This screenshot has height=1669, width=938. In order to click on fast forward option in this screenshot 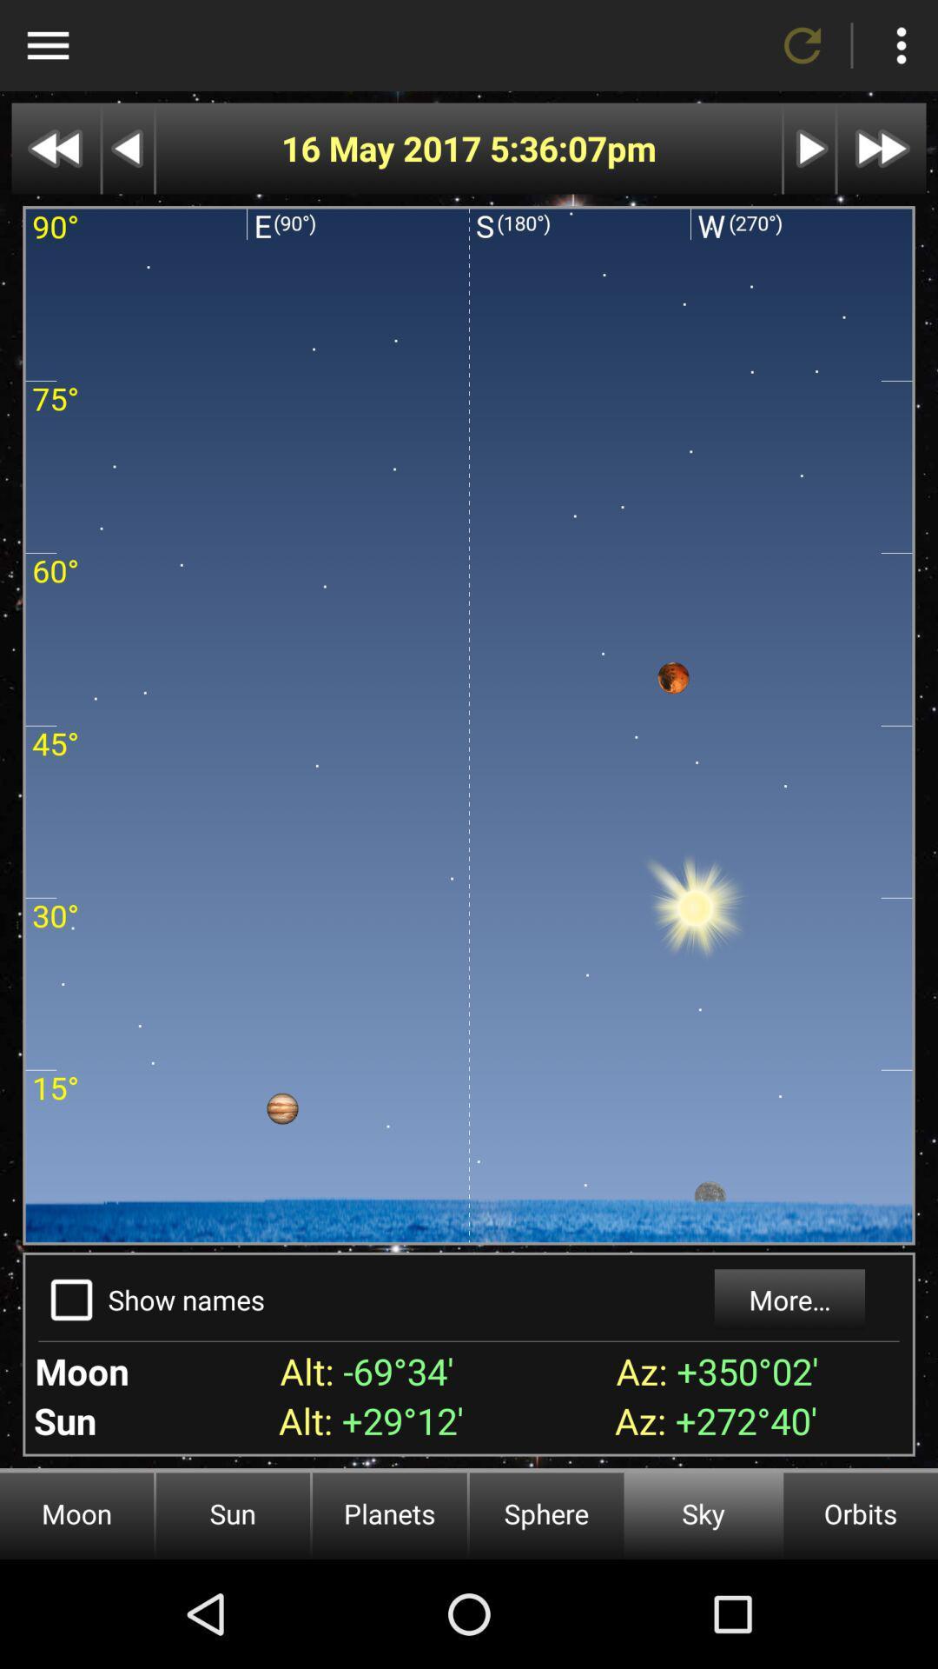, I will do `click(882, 149)`.